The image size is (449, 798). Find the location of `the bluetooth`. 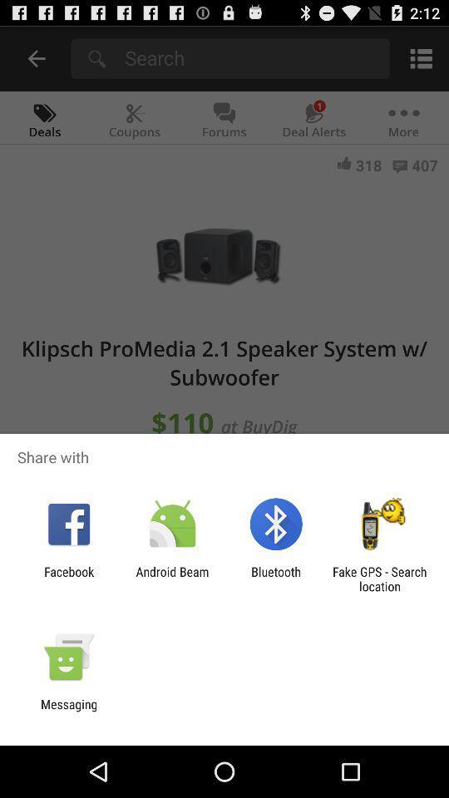

the bluetooth is located at coordinates (276, 579).